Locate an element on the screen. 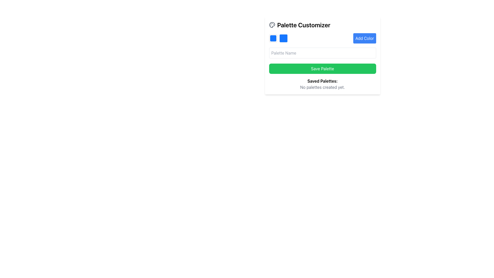  text content of the bold label displaying 'Saved Palettes:' positioned centrally above the text 'No palettes created yet.' is located at coordinates (322, 81).